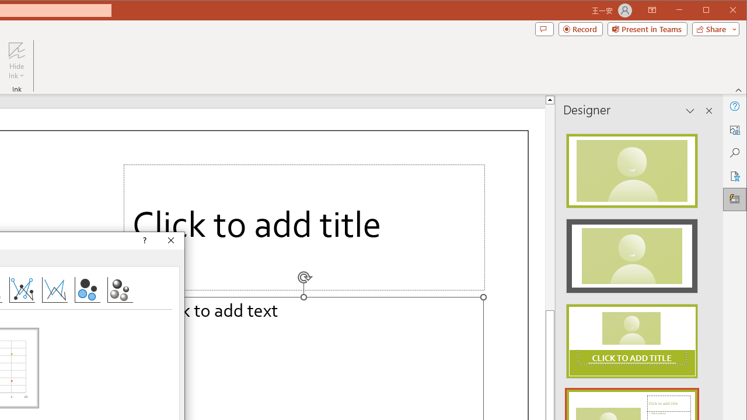 The image size is (747, 420). I want to click on 'Scatter with Straight Lines', so click(54, 289).